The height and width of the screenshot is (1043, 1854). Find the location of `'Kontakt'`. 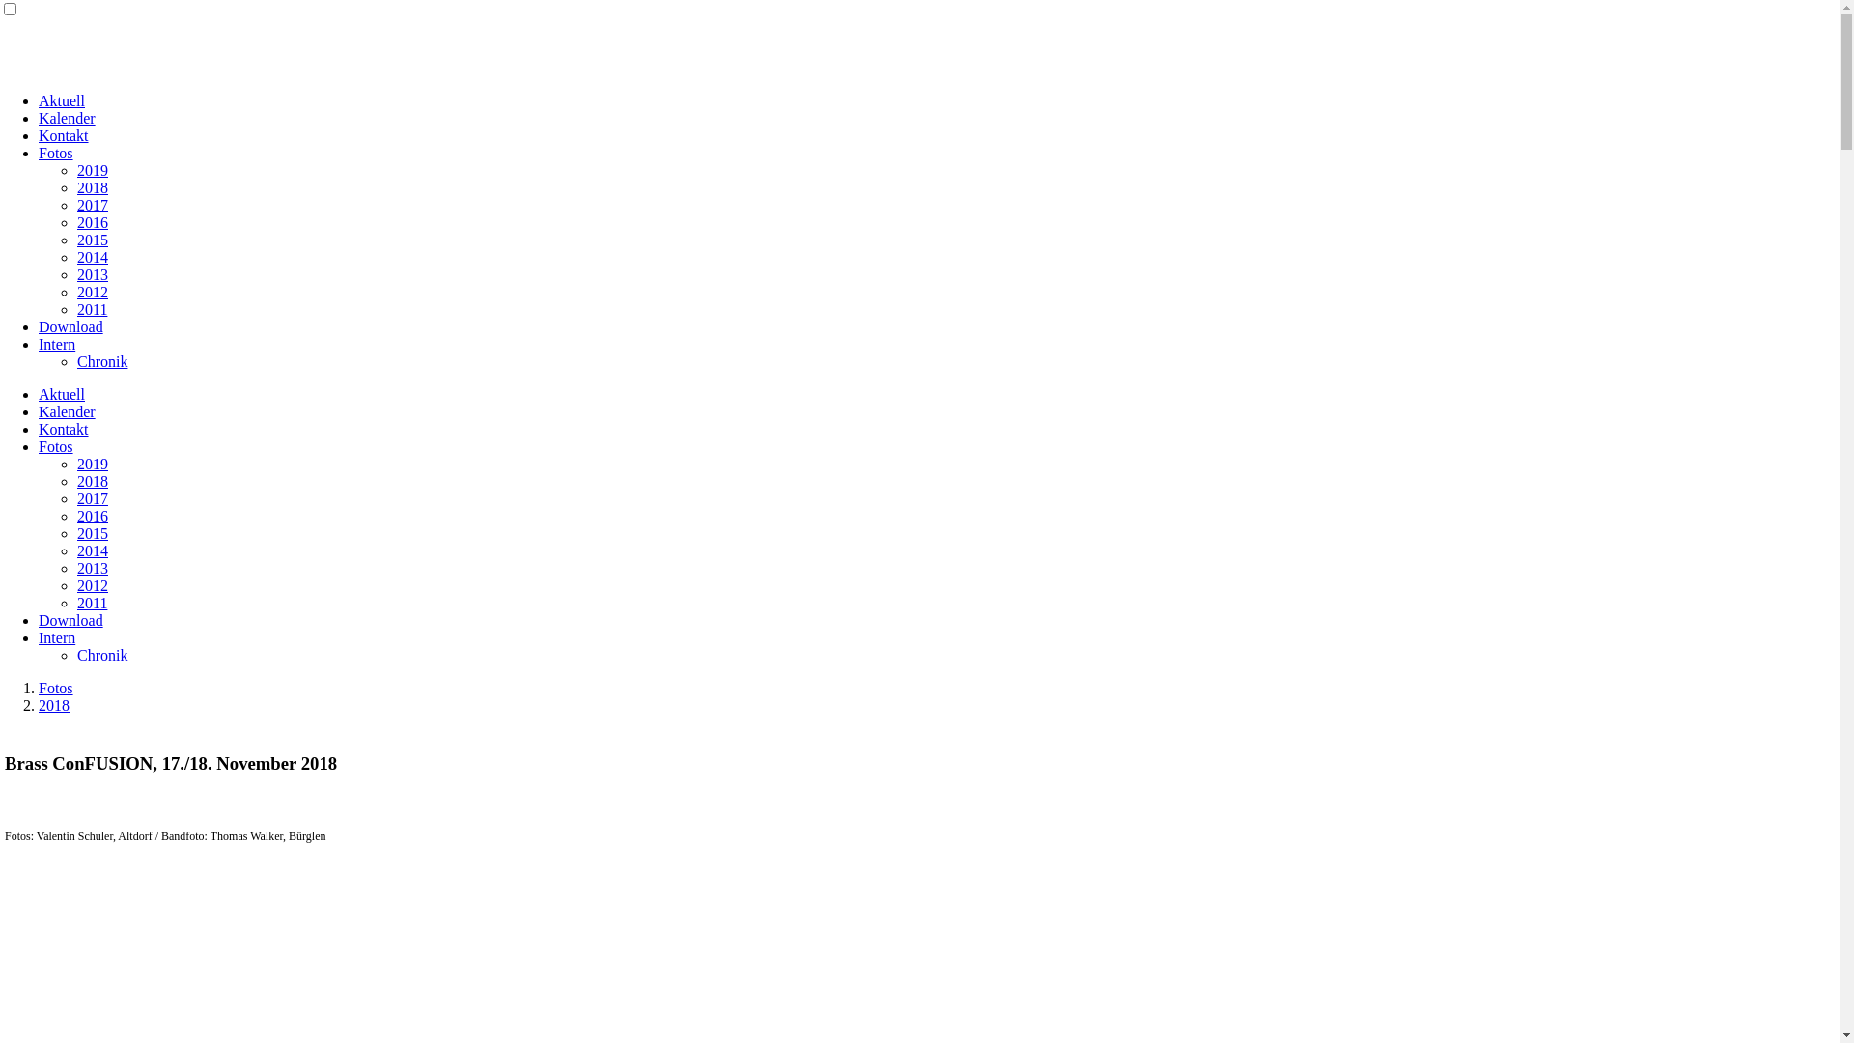

'Kontakt' is located at coordinates (64, 134).